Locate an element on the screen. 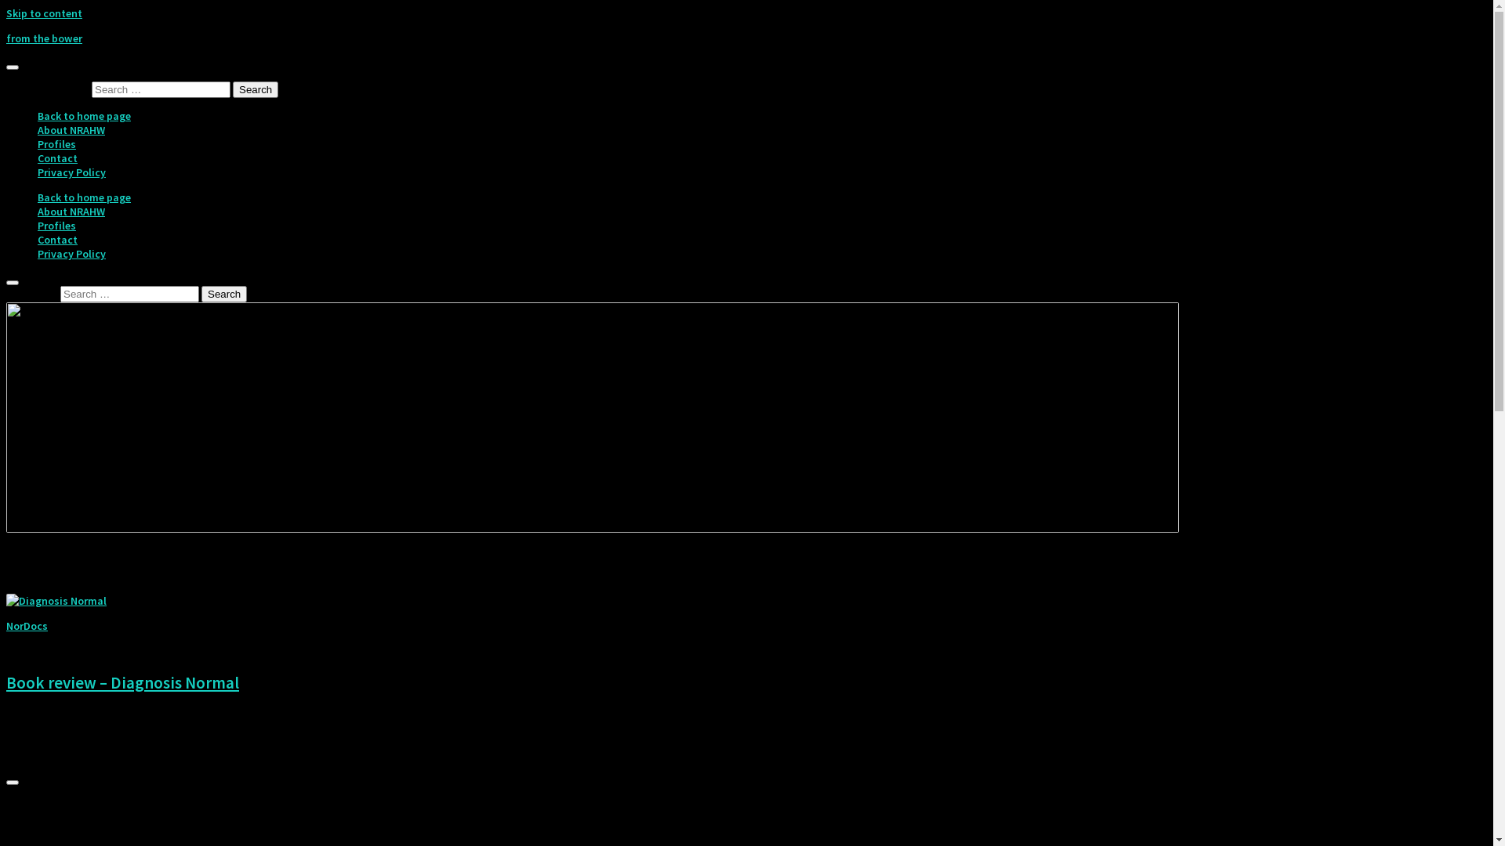 This screenshot has width=1505, height=846. 'Search' is located at coordinates (256, 89).